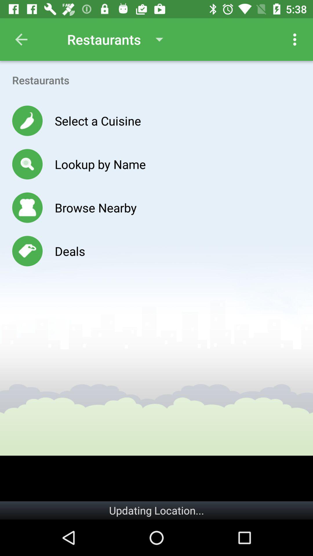 This screenshot has height=556, width=313. Describe the element at coordinates (95, 207) in the screenshot. I see `the item above deals` at that location.